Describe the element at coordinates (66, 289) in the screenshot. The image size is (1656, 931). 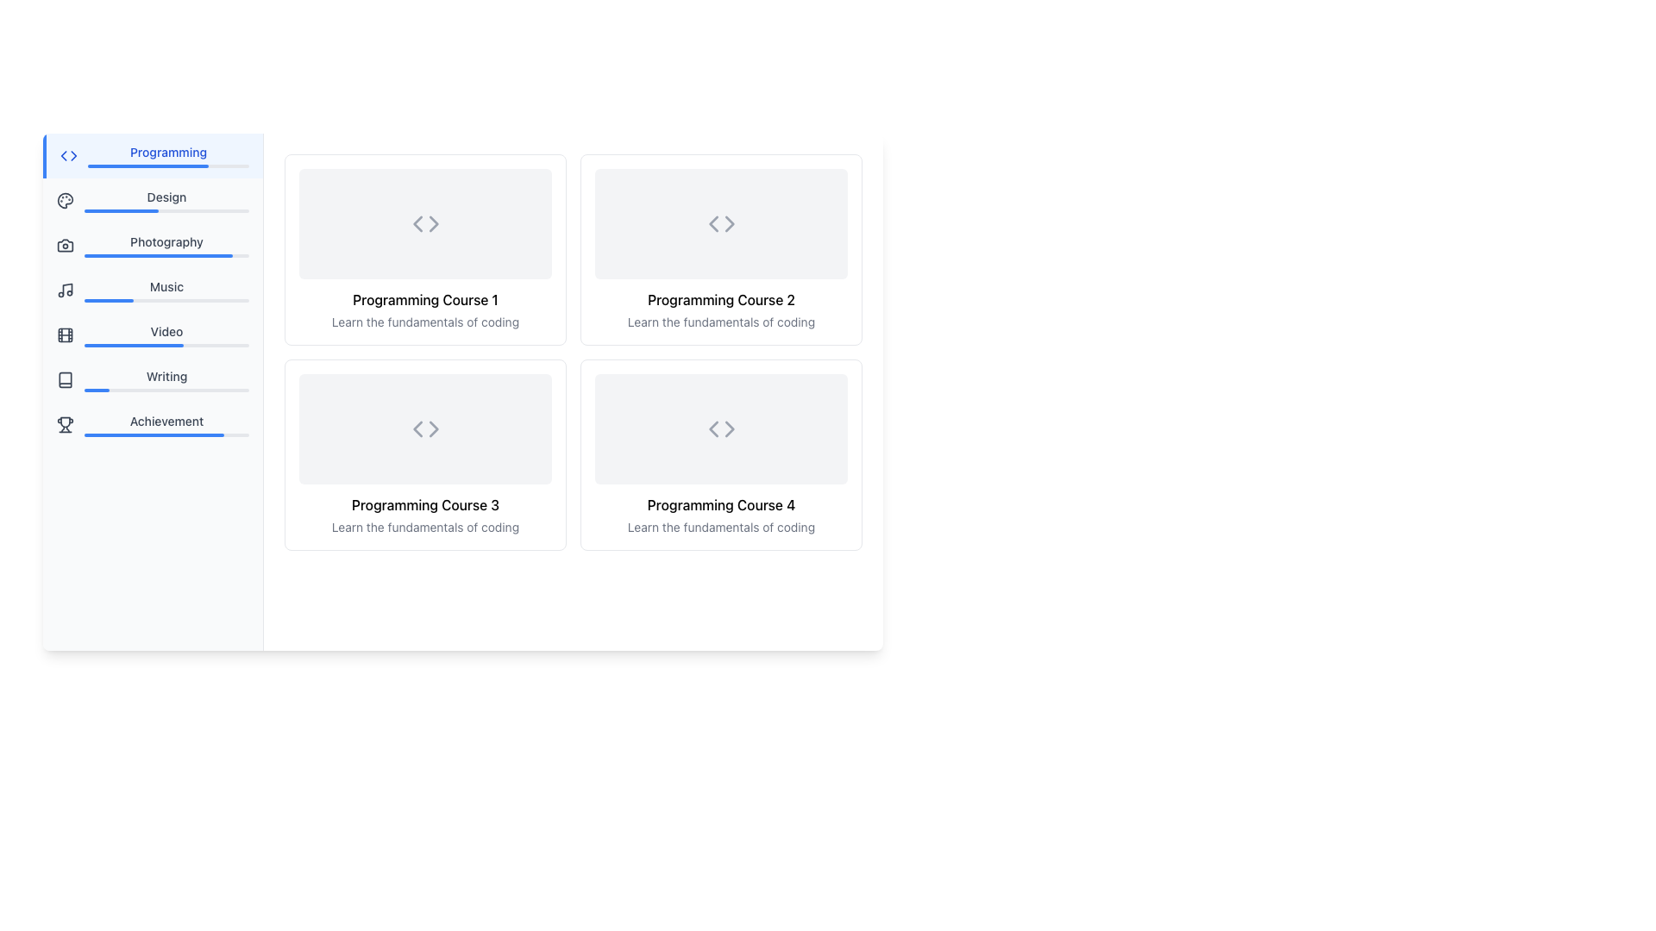
I see `the musical notes icon located in the sidebar menu adjacent to the label 'Music' to interact with the associated menu item` at that location.